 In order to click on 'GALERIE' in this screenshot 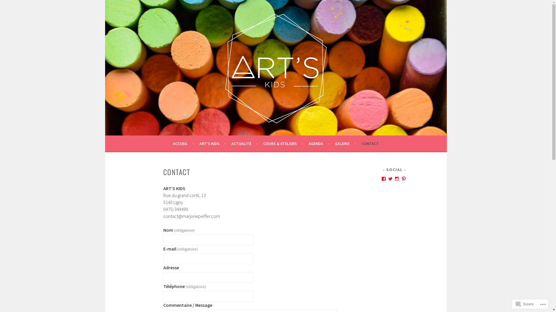, I will do `click(345, 143)`.